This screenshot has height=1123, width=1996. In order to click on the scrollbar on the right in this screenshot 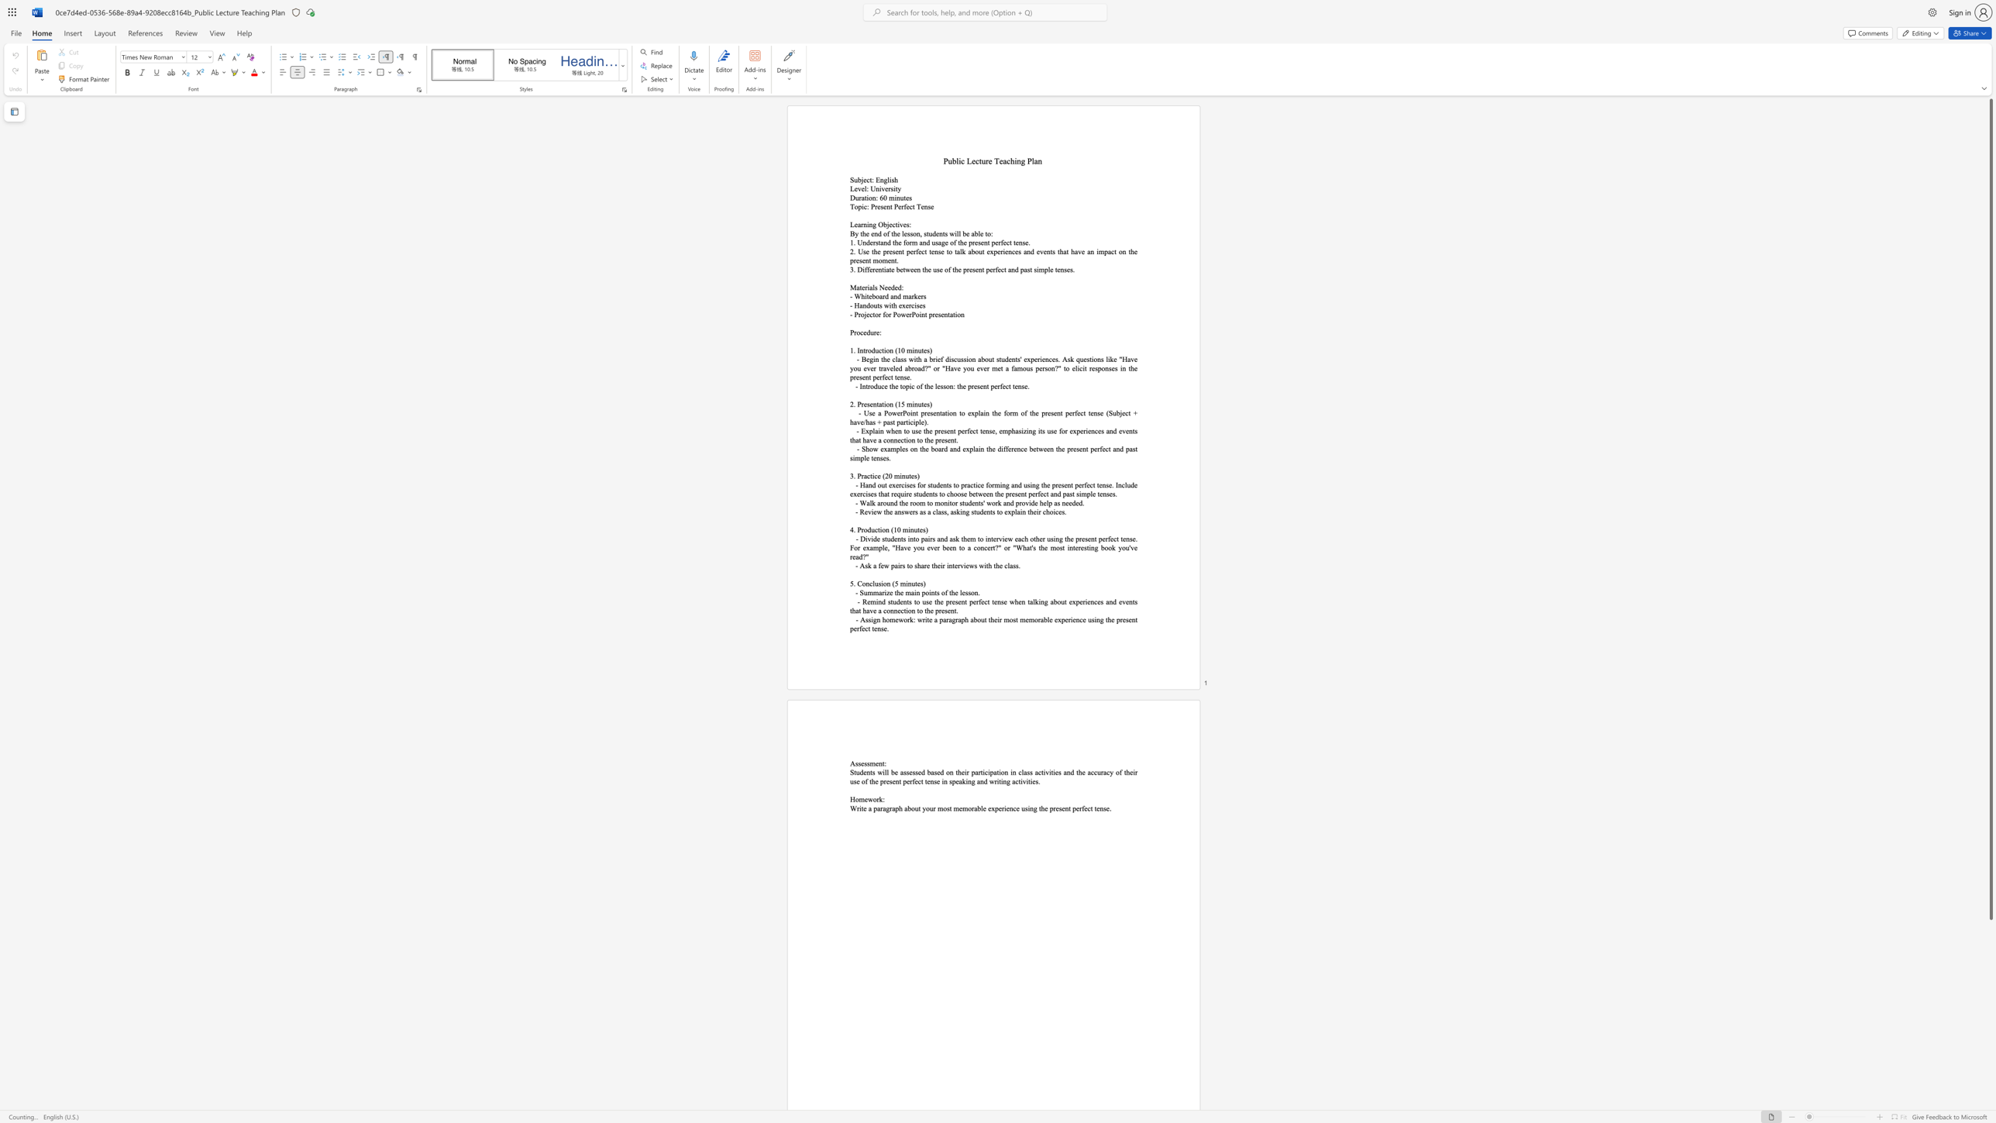, I will do `click(1990, 1059)`.